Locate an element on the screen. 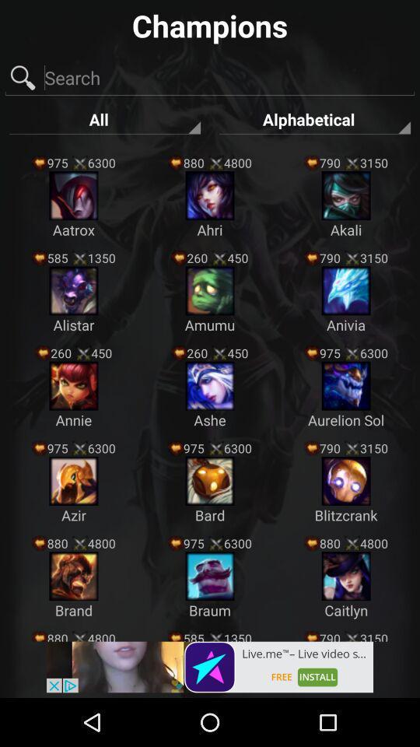 This screenshot has width=420, height=747. advertisement banner is located at coordinates (210, 666).